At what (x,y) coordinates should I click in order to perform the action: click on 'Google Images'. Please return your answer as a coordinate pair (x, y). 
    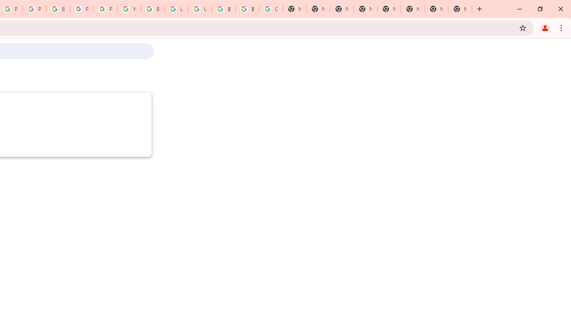
    Looking at the image, I should click on (270, 9).